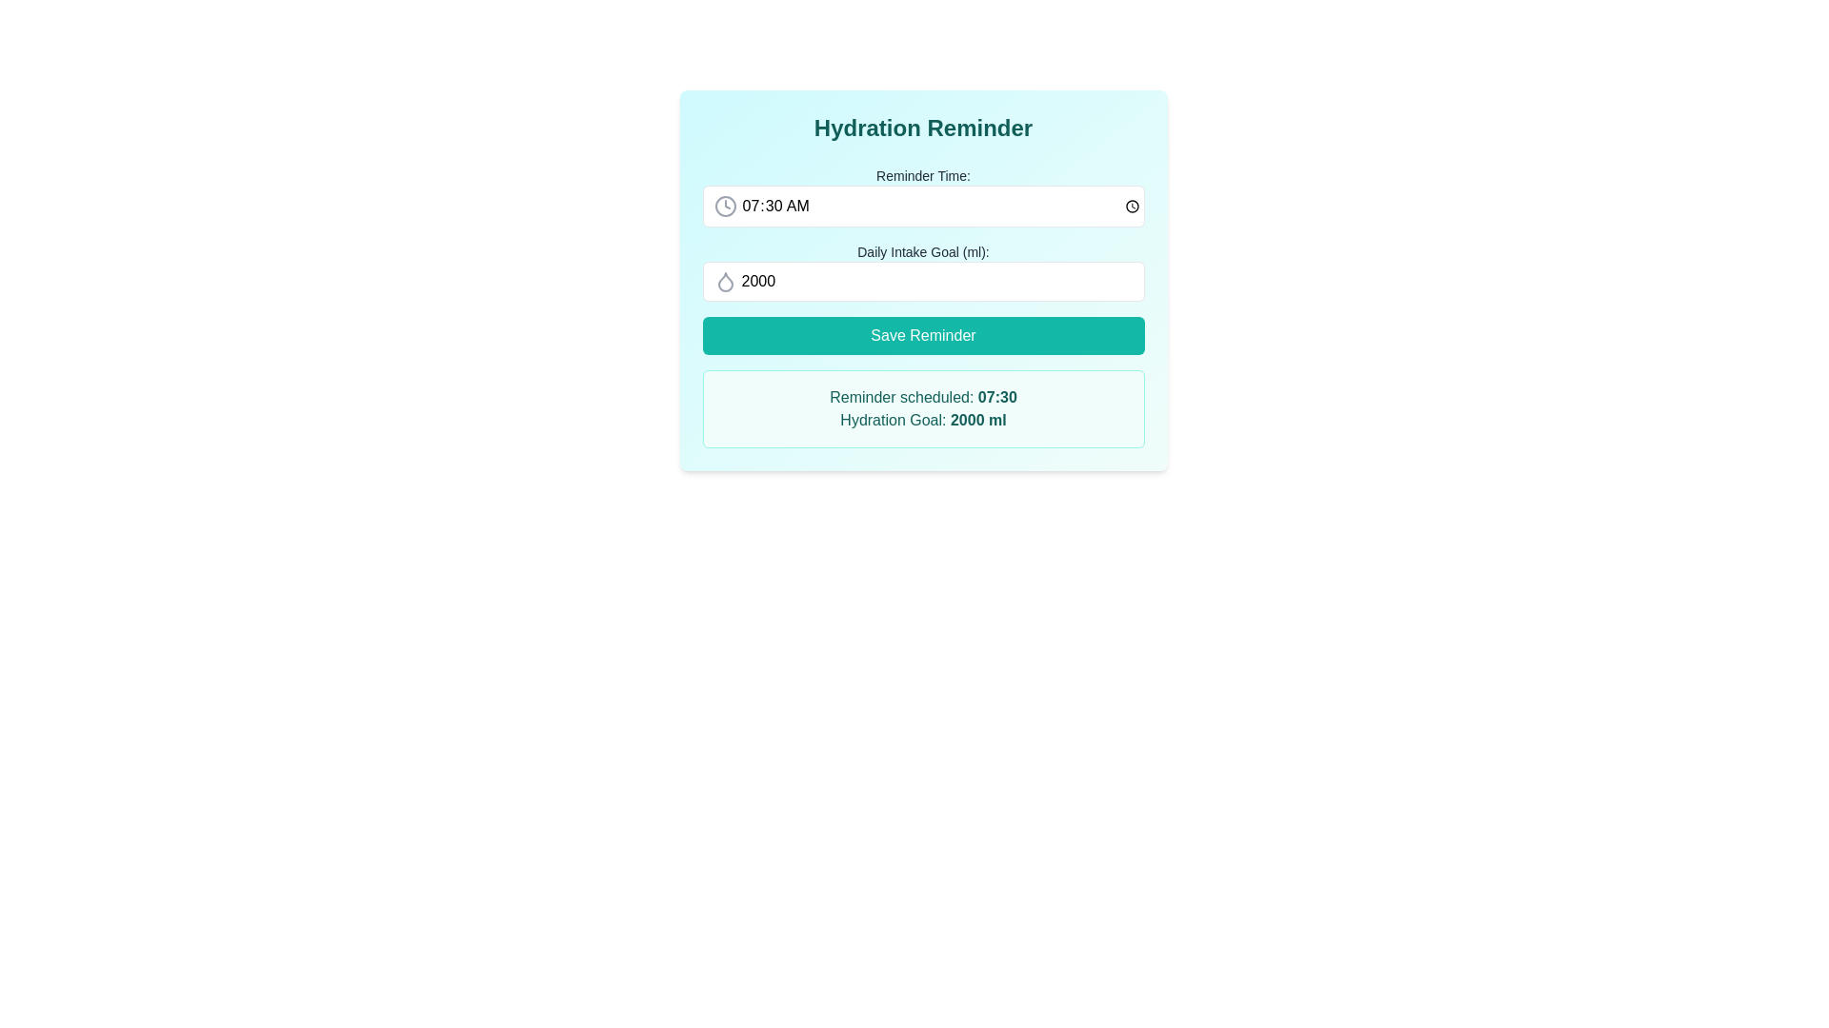 Image resolution: width=1829 pixels, height=1028 pixels. Describe the element at coordinates (923, 335) in the screenshot. I see `the save button located below the 'Daily Intake Goal (ml):' input field` at that location.